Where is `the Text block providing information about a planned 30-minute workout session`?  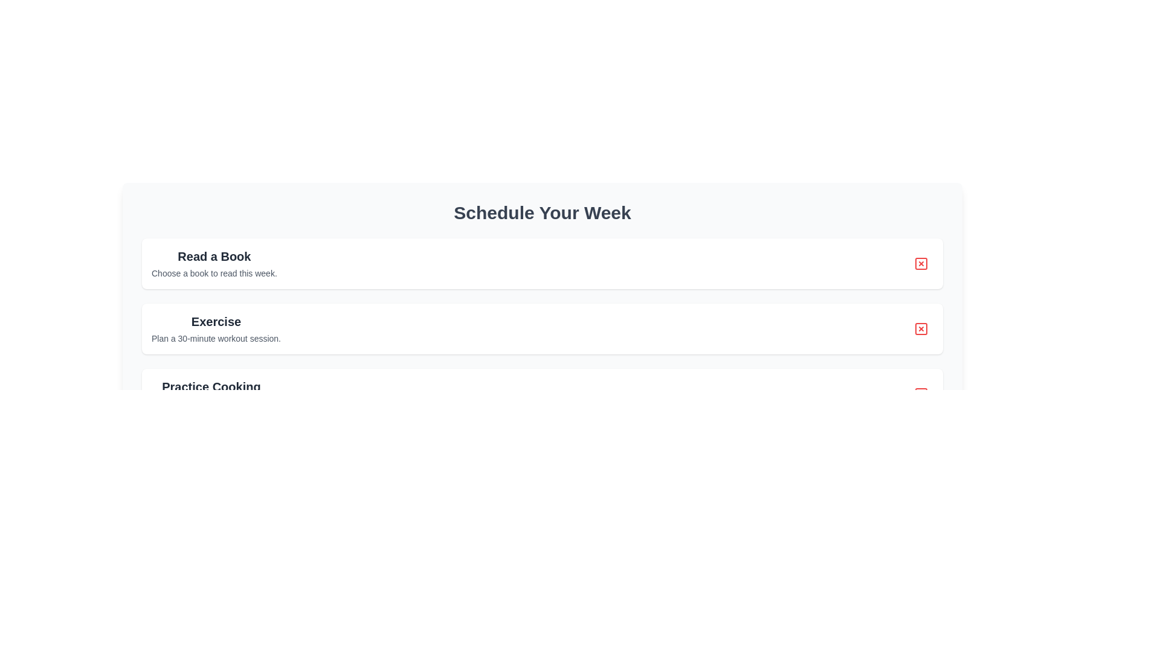
the Text block providing information about a planned 30-minute workout session is located at coordinates (216, 328).